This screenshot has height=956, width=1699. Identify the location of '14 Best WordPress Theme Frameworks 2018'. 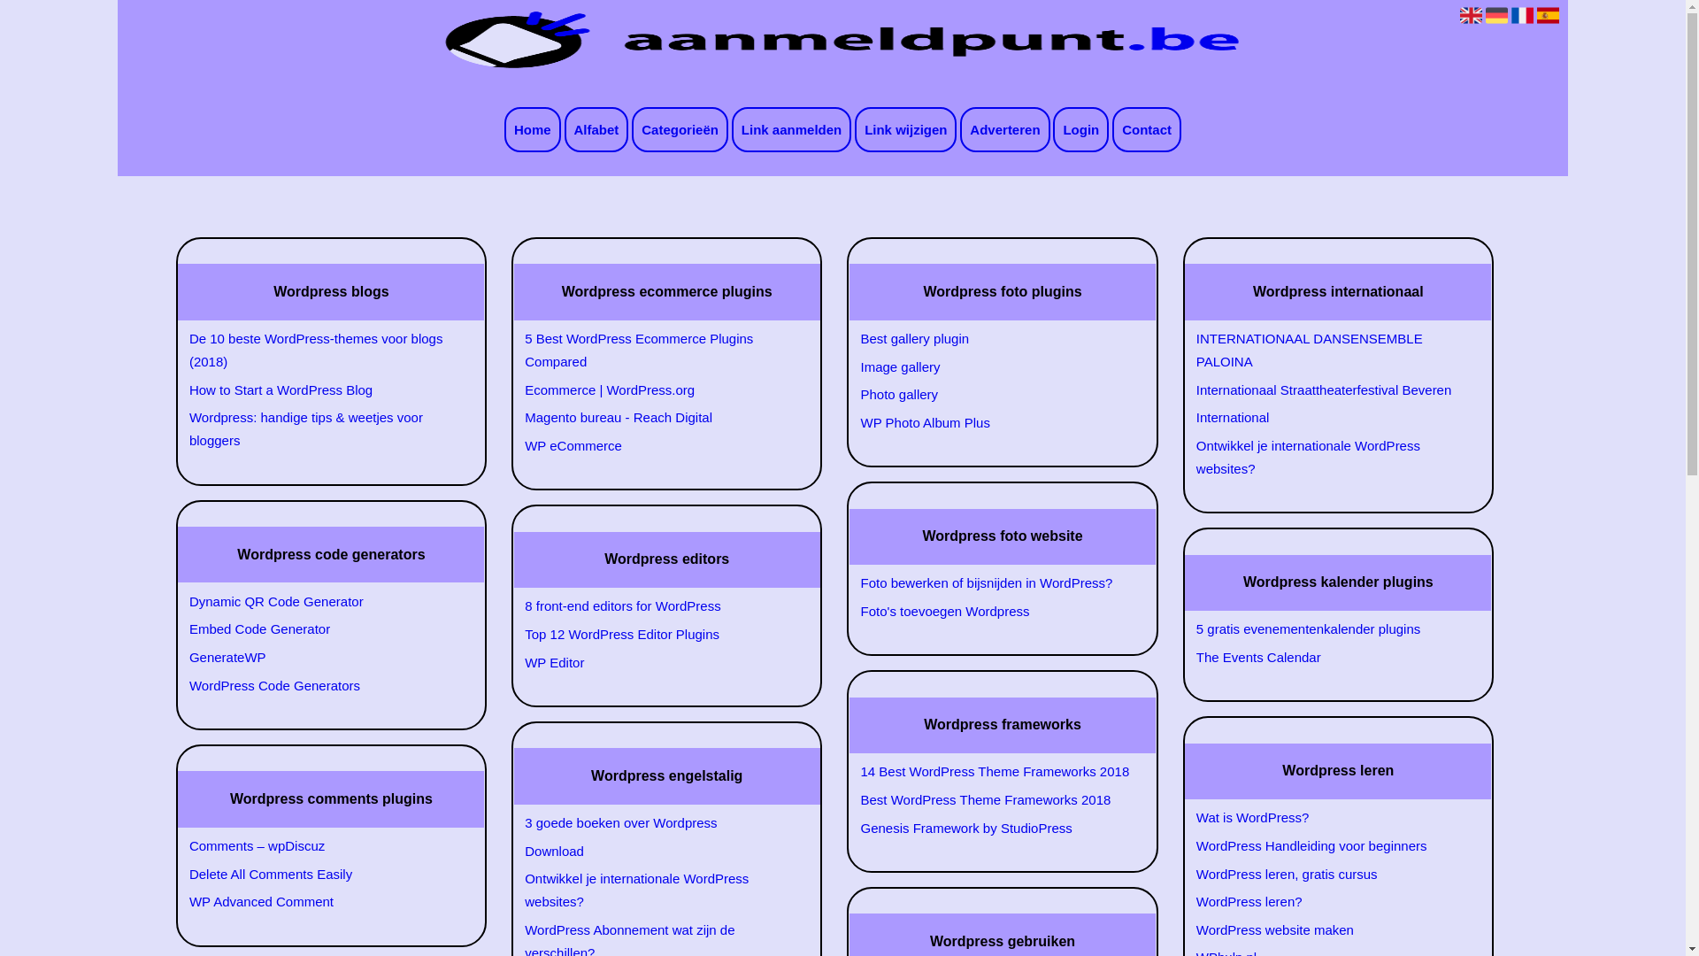
(992, 770).